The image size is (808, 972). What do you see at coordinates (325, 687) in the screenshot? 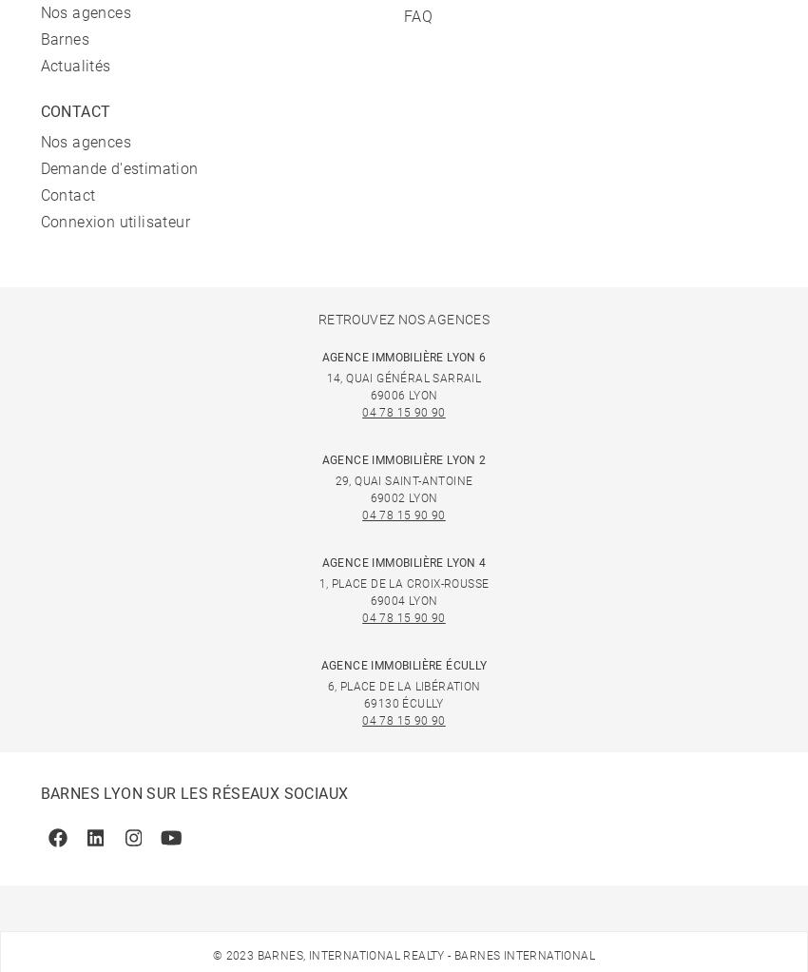
I see `'6, place de la Libération'` at bounding box center [325, 687].